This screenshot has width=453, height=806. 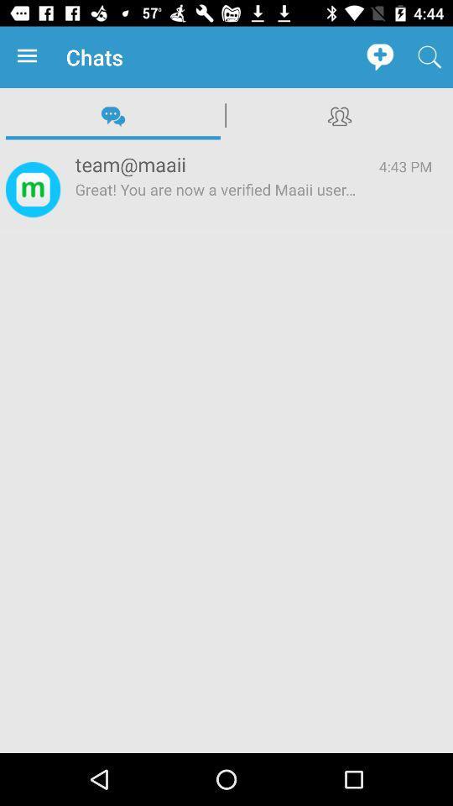 What do you see at coordinates (216, 205) in the screenshot?
I see `icon next to 4:43 pm app` at bounding box center [216, 205].